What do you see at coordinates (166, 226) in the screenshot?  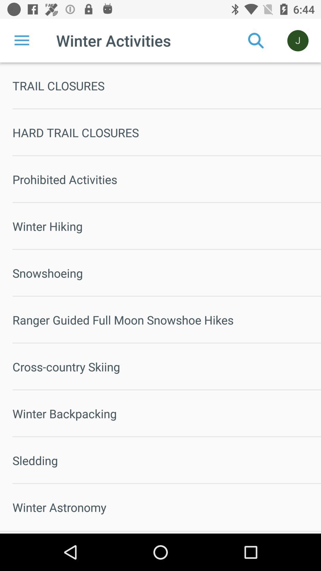 I see `the winter hiking item` at bounding box center [166, 226].